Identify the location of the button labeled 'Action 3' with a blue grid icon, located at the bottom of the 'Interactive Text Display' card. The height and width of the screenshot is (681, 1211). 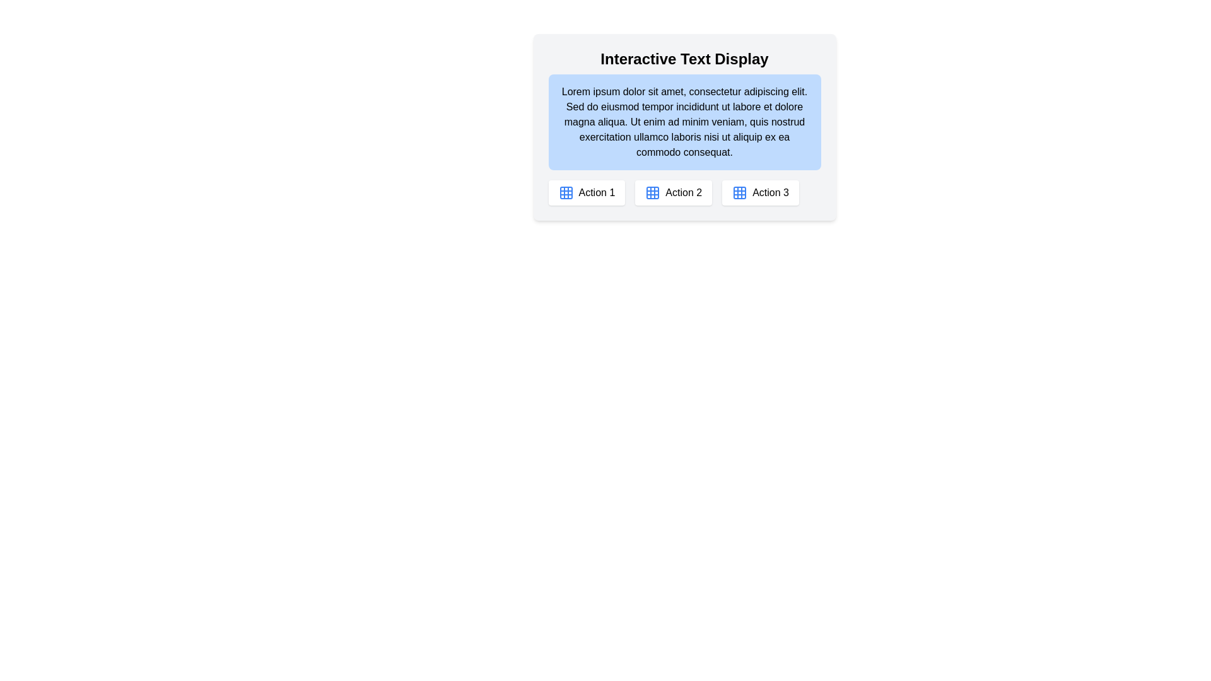
(760, 192).